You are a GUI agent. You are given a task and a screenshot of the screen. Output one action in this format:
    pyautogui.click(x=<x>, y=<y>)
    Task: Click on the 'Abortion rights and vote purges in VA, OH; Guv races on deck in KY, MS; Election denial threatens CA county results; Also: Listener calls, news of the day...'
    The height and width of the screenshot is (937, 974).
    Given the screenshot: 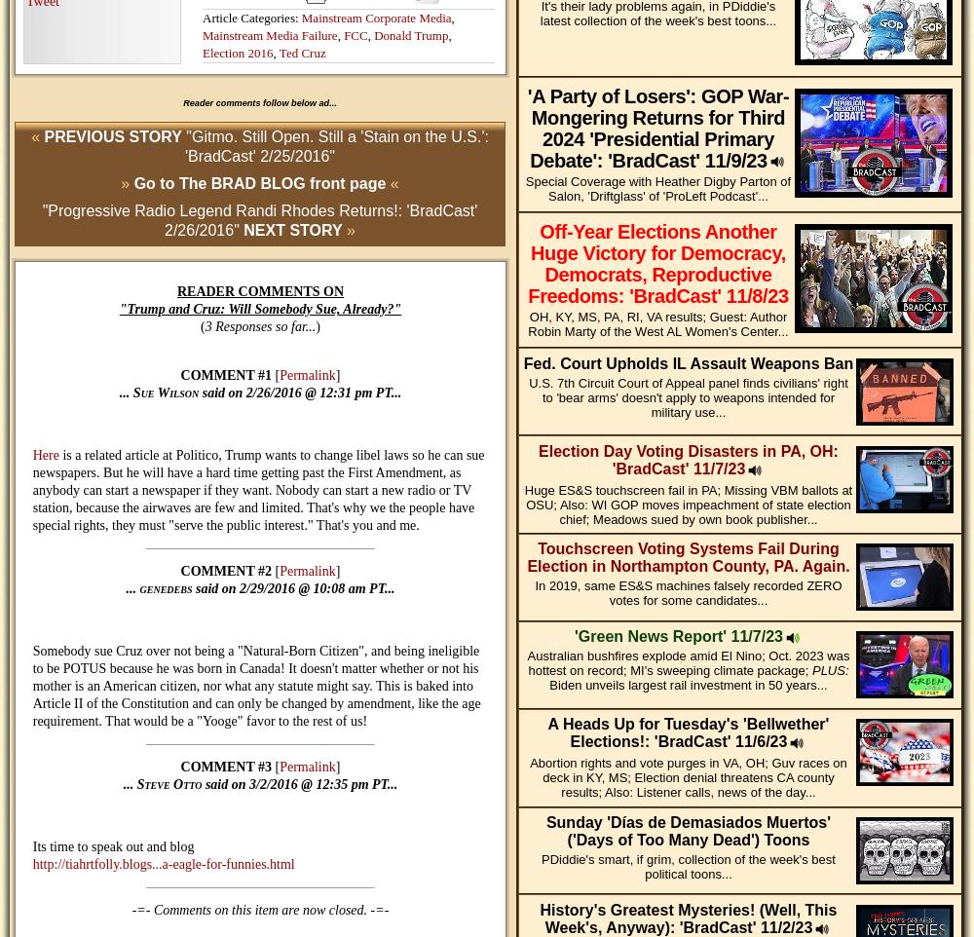 What is the action you would take?
    pyautogui.click(x=687, y=776)
    